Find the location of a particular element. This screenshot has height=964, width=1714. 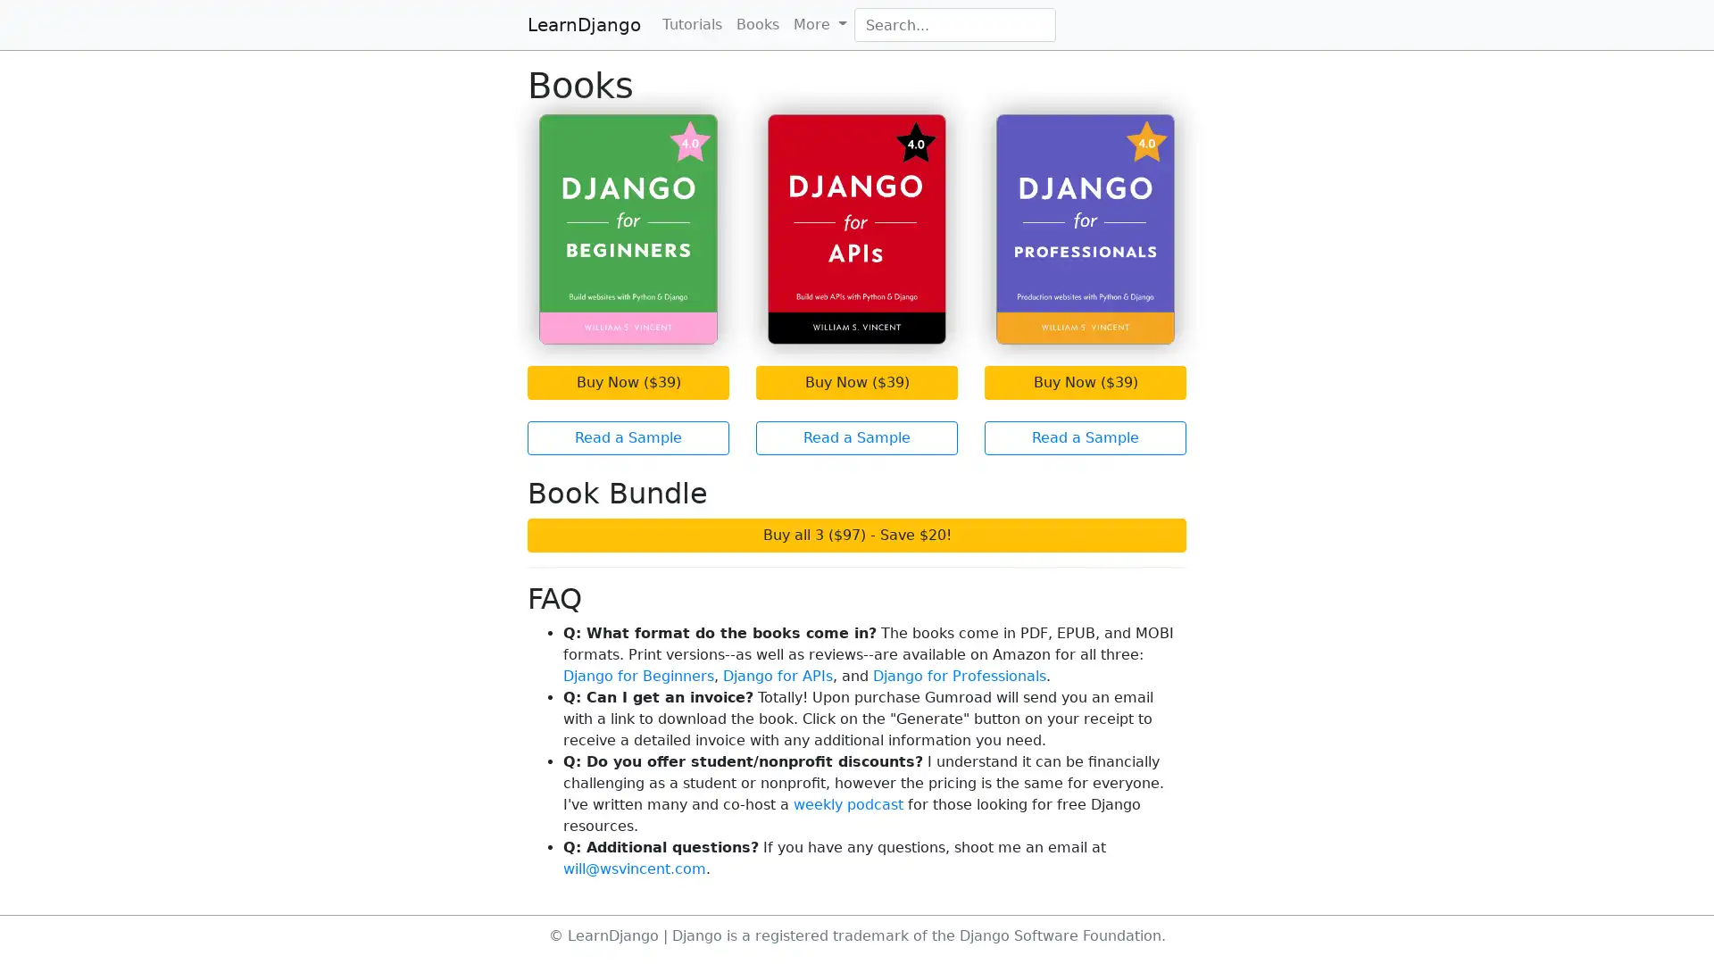

Buy Now ($39) is located at coordinates (857, 381).